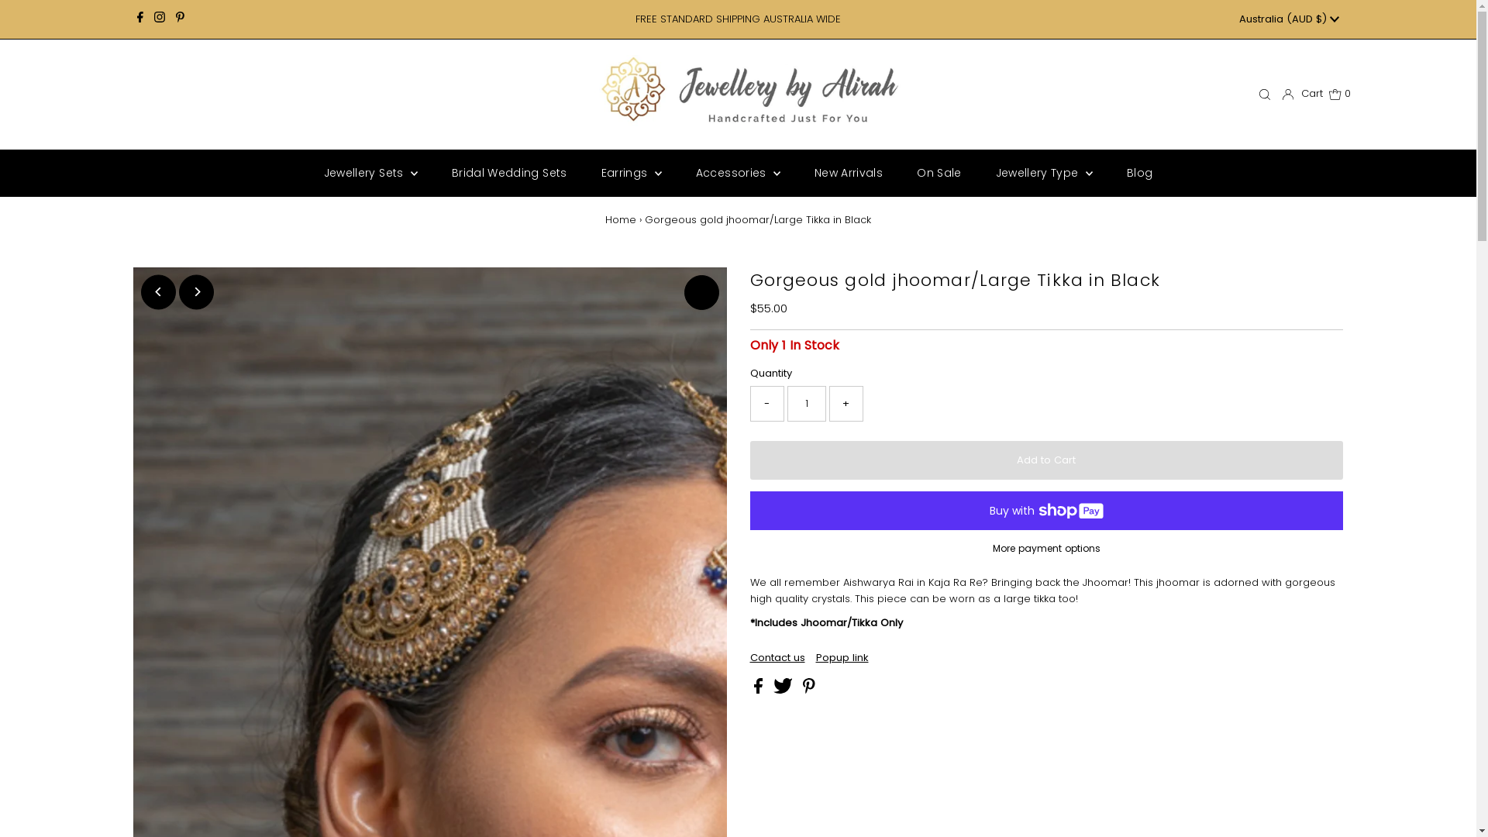 Image resolution: width=1488 pixels, height=837 pixels. I want to click on 'Home', so click(621, 219).